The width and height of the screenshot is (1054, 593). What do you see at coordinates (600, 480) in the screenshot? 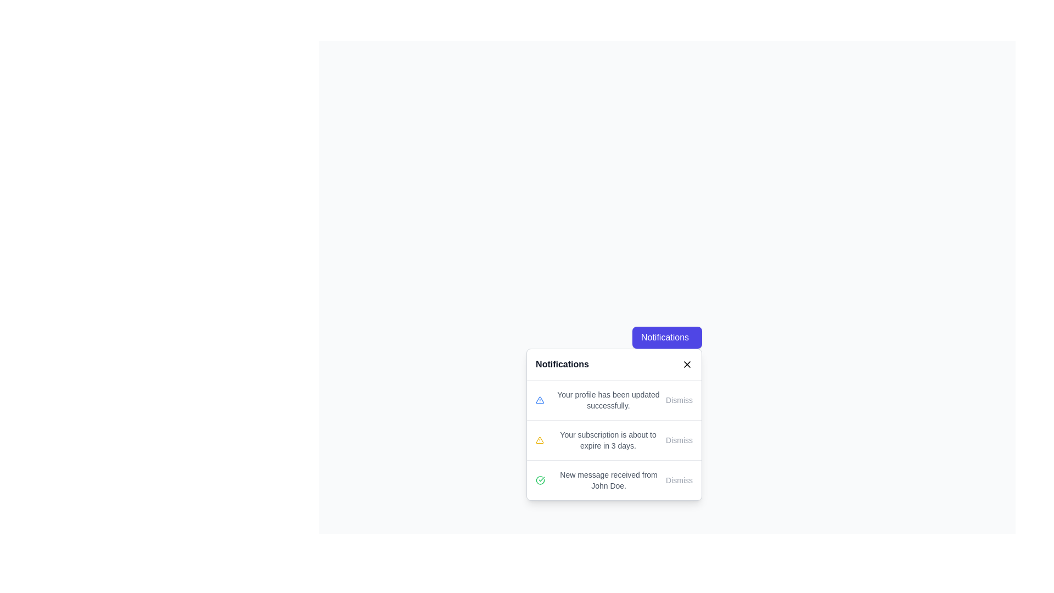
I see `text content 'New message received from John Doe.' from the notification panel located in the bottom-right corner of the viewport, next to the green checkmark icon` at bounding box center [600, 480].